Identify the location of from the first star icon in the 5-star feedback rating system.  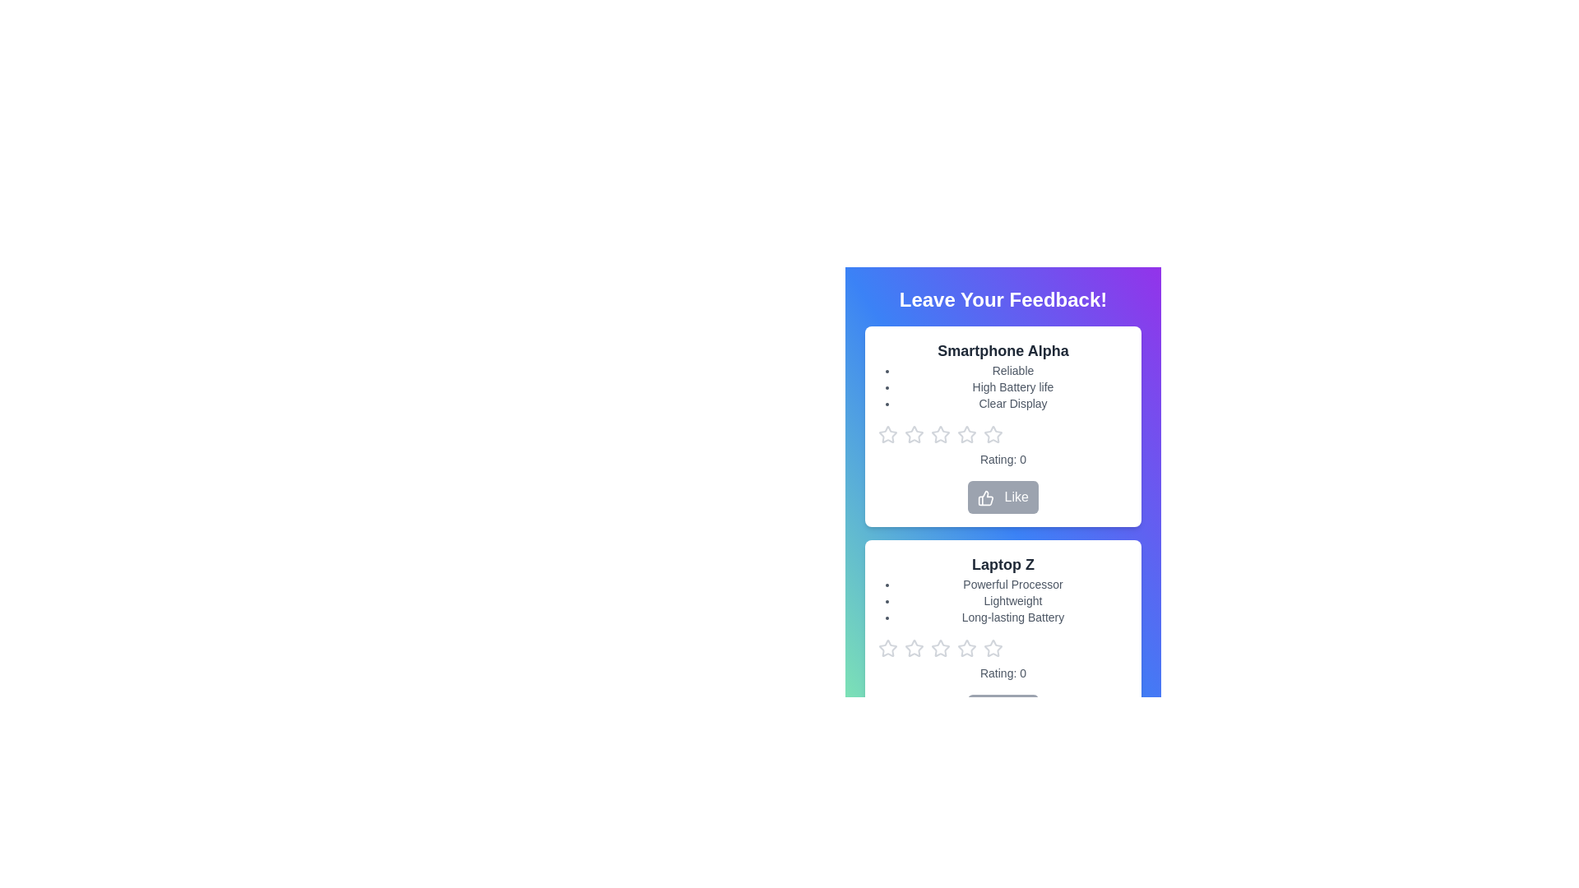
(887, 647).